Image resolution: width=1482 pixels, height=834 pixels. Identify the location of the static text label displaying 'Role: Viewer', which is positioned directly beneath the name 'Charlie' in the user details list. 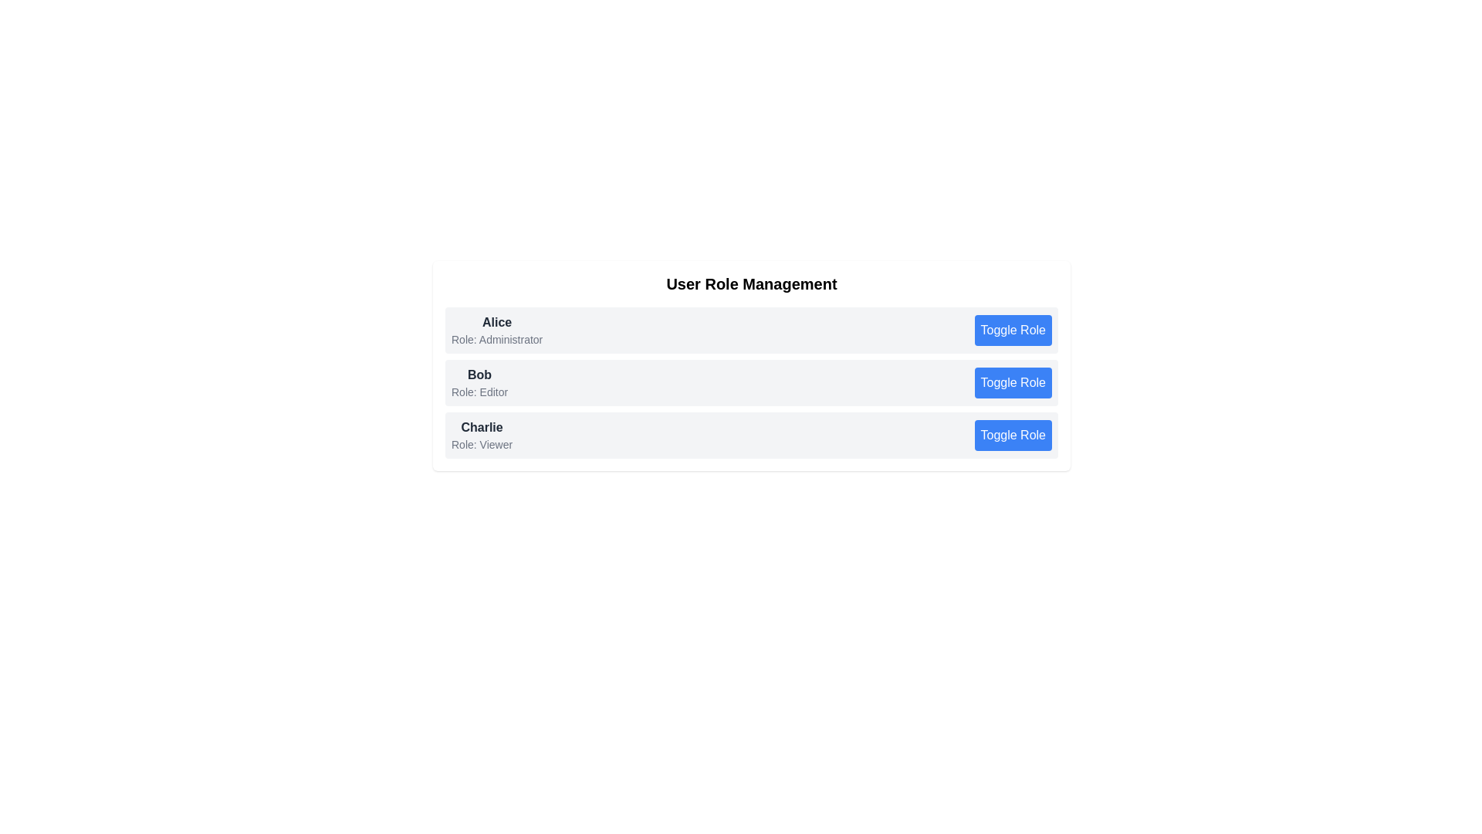
(481, 444).